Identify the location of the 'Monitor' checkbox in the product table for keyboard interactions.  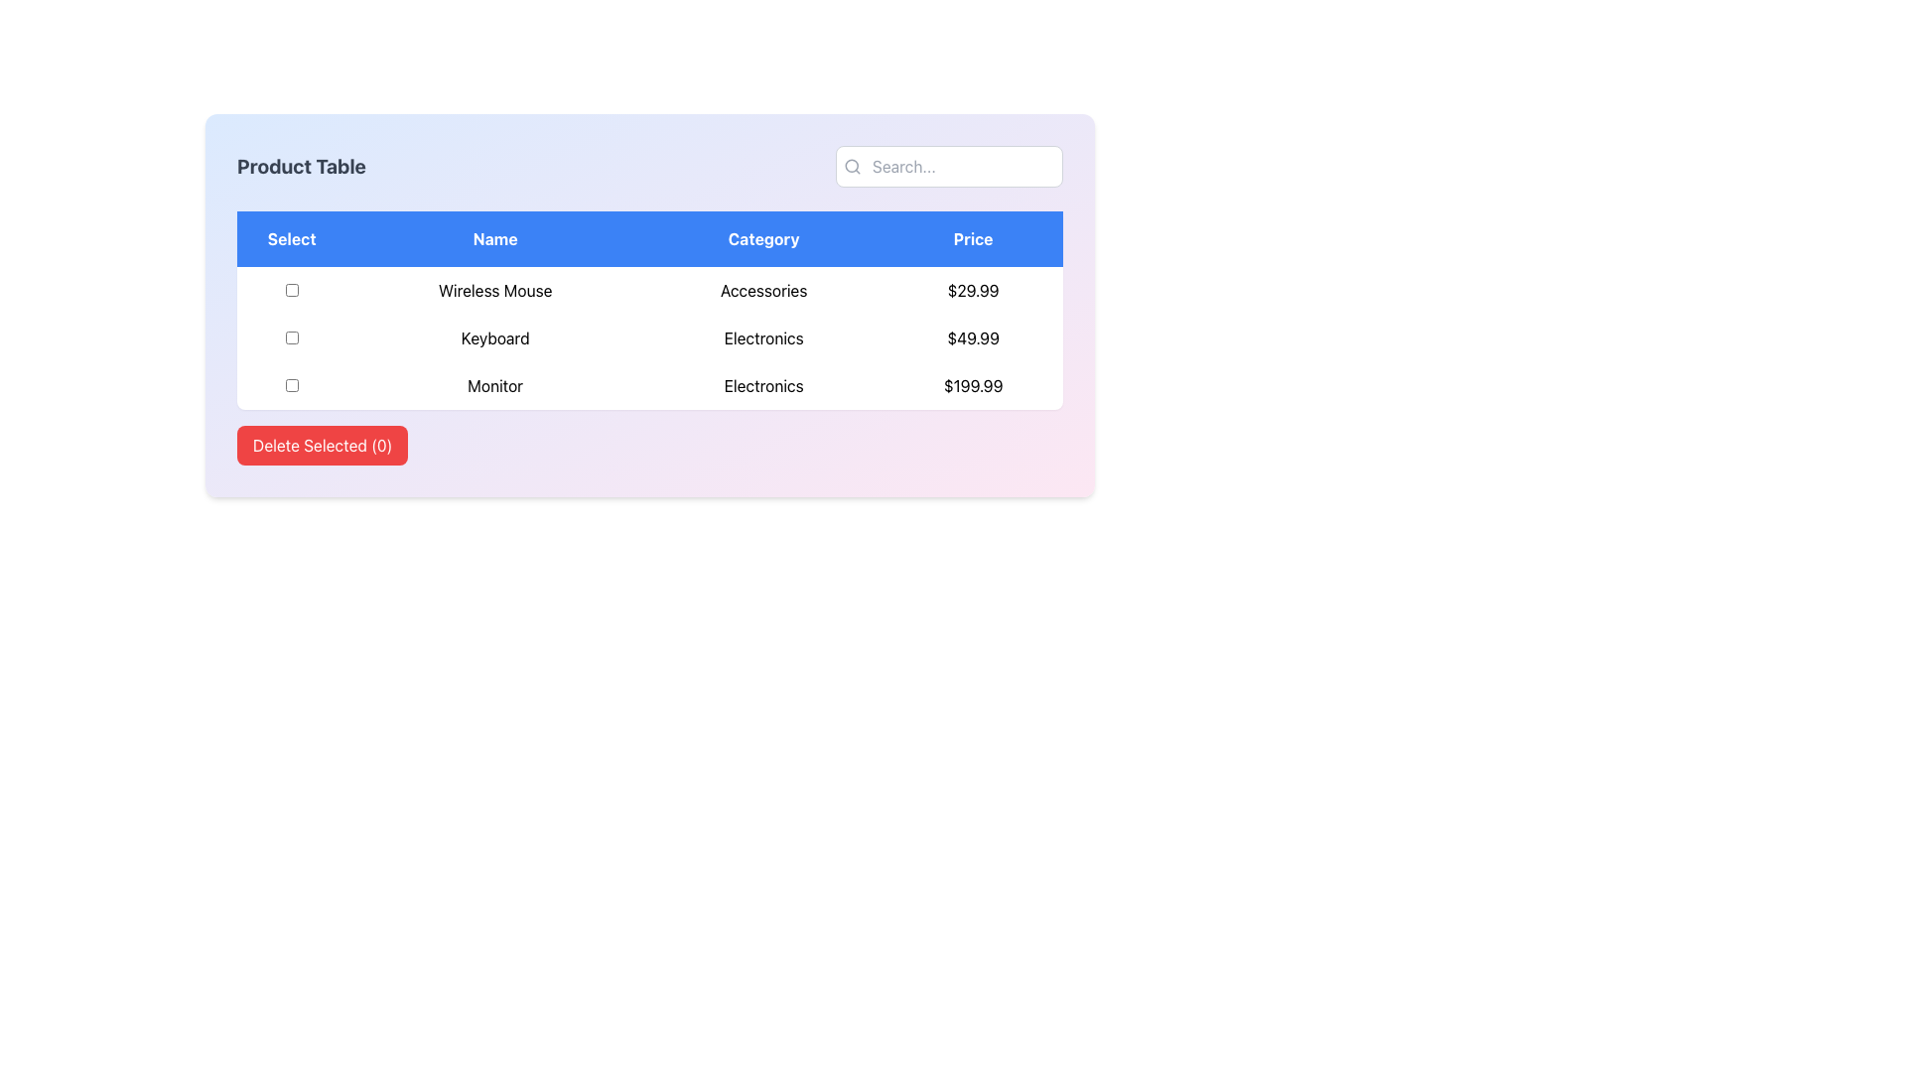
(291, 386).